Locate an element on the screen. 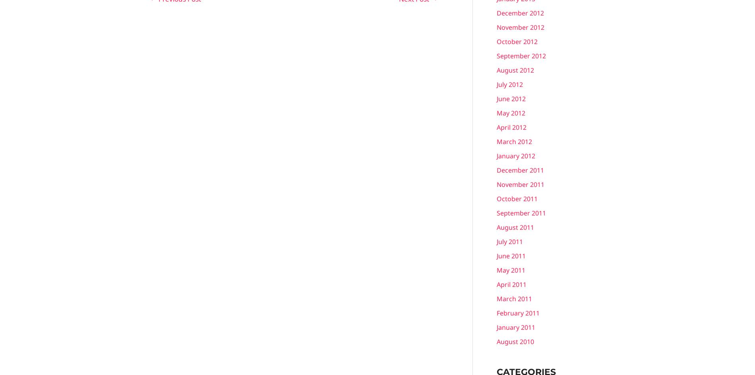 This screenshot has height=375, width=755. 'November 2011' is located at coordinates (520, 184).